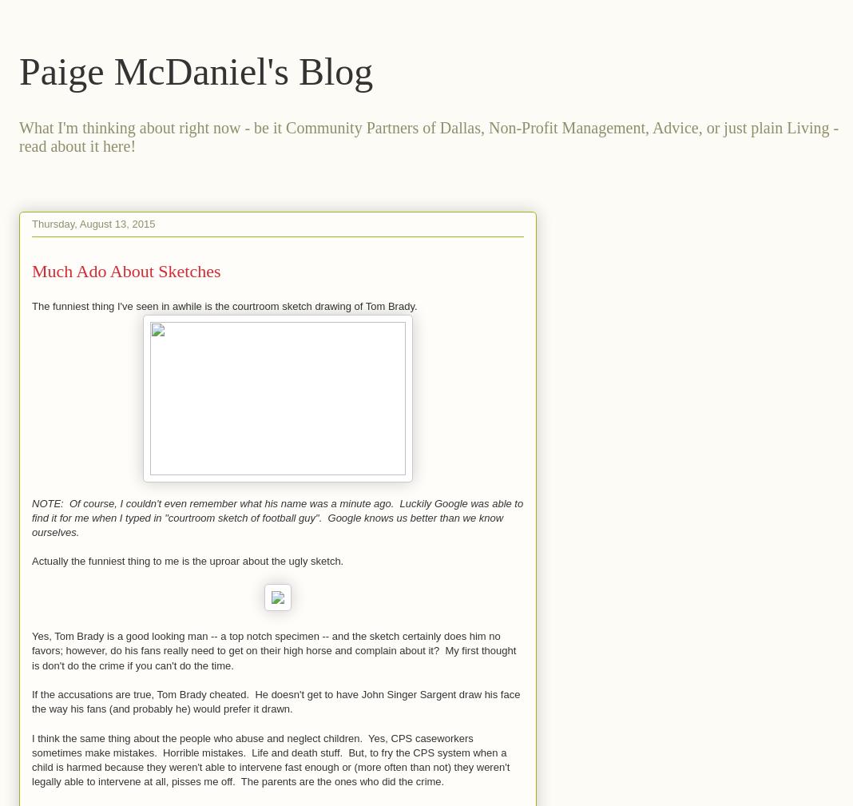  What do you see at coordinates (187, 561) in the screenshot?
I see `'Actually the funniest thing to me is the uproar about the ugly sketch.'` at bounding box center [187, 561].